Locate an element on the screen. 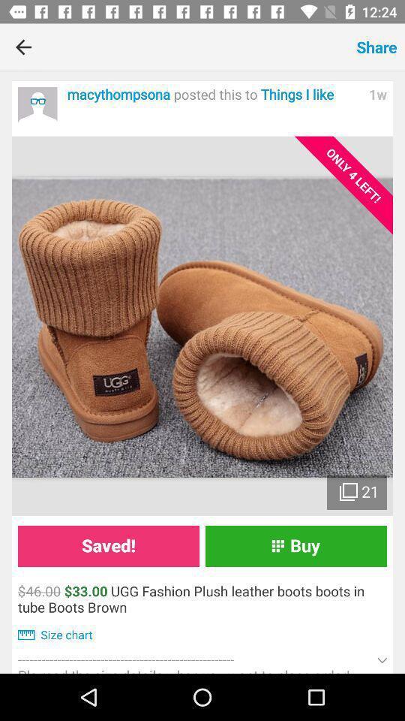  profile picture is located at coordinates (37, 106).